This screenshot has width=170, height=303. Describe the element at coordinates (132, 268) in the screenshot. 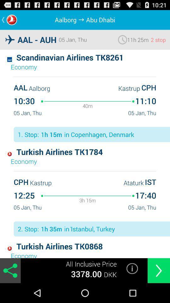

I see `the icon next to the all inclusive price` at that location.